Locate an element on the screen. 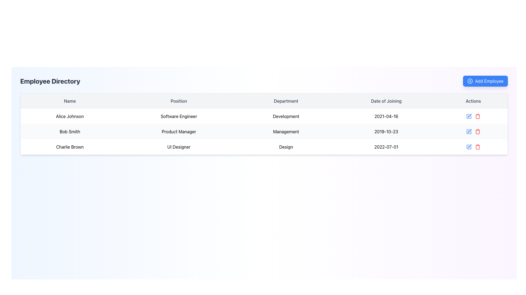 The image size is (526, 295). the 'Product Manager' text label in the 'Position' column of the row associated with 'Bob Smith' is located at coordinates (179, 132).